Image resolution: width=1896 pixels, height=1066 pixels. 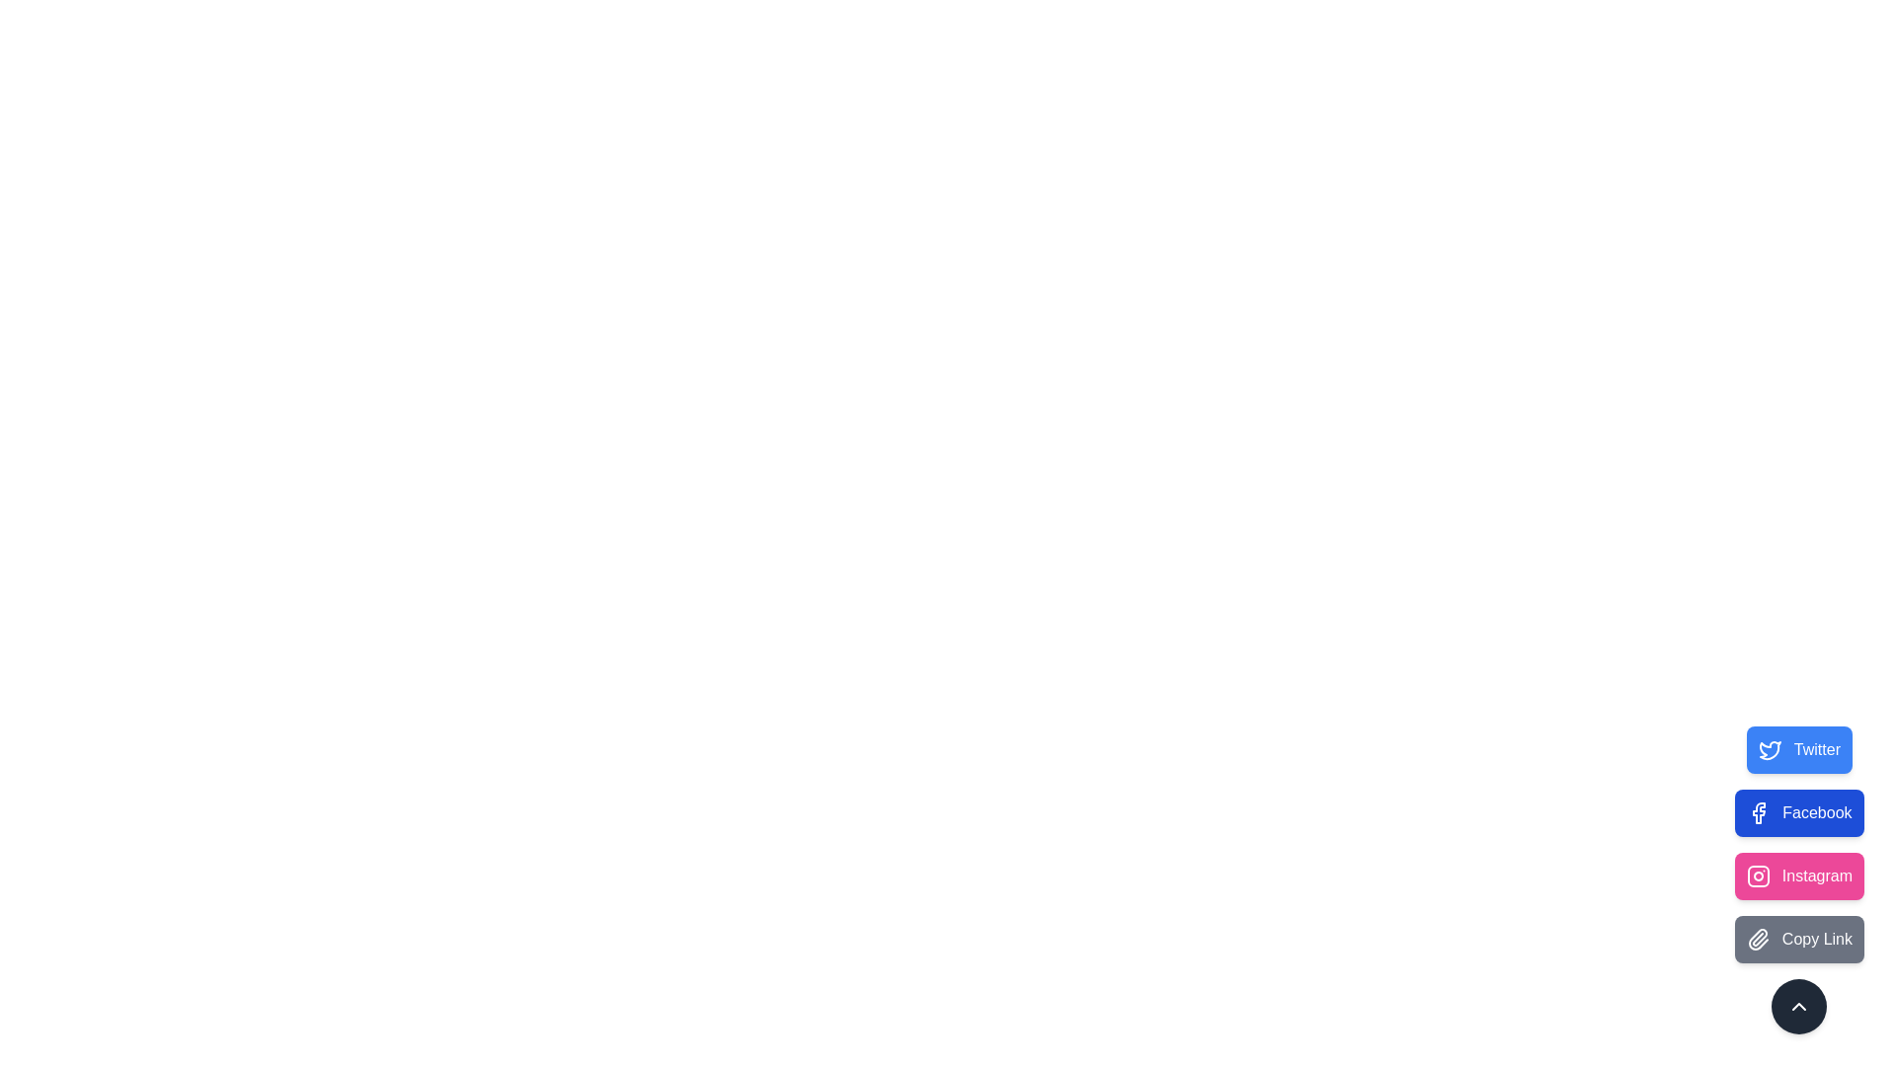 I want to click on the Facebook button to perform the corresponding action, so click(x=1799, y=813).